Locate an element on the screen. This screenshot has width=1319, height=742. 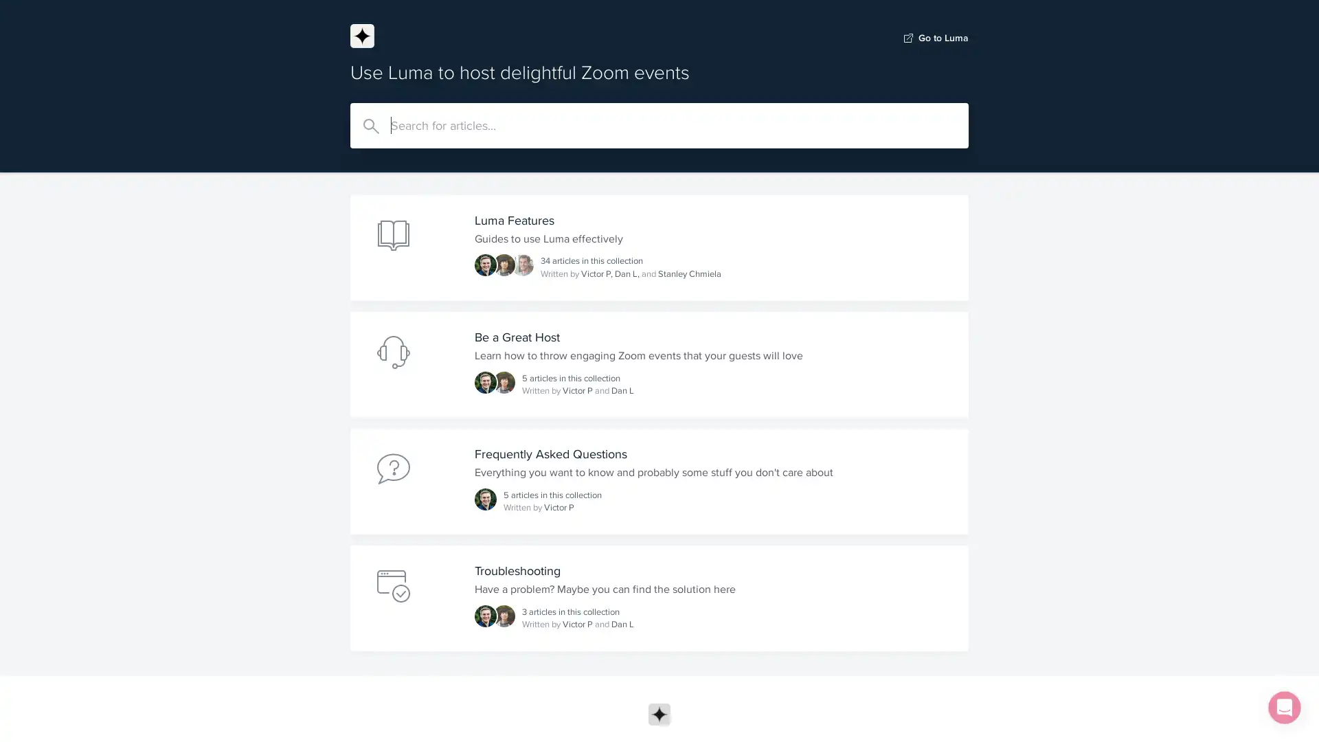
Open Intercom Messenger is located at coordinates (1284, 707).